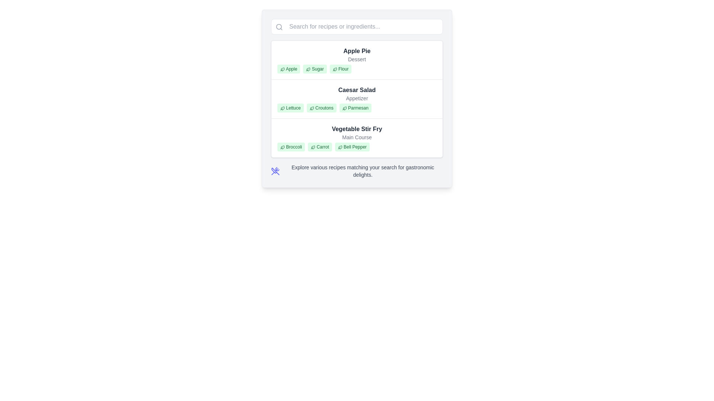  Describe the element at coordinates (352, 147) in the screenshot. I see `the 'Bell Pepper' label with a light green background and green text, positioned as the third label in the 'Vegetable Stir Fry' recipe group` at that location.